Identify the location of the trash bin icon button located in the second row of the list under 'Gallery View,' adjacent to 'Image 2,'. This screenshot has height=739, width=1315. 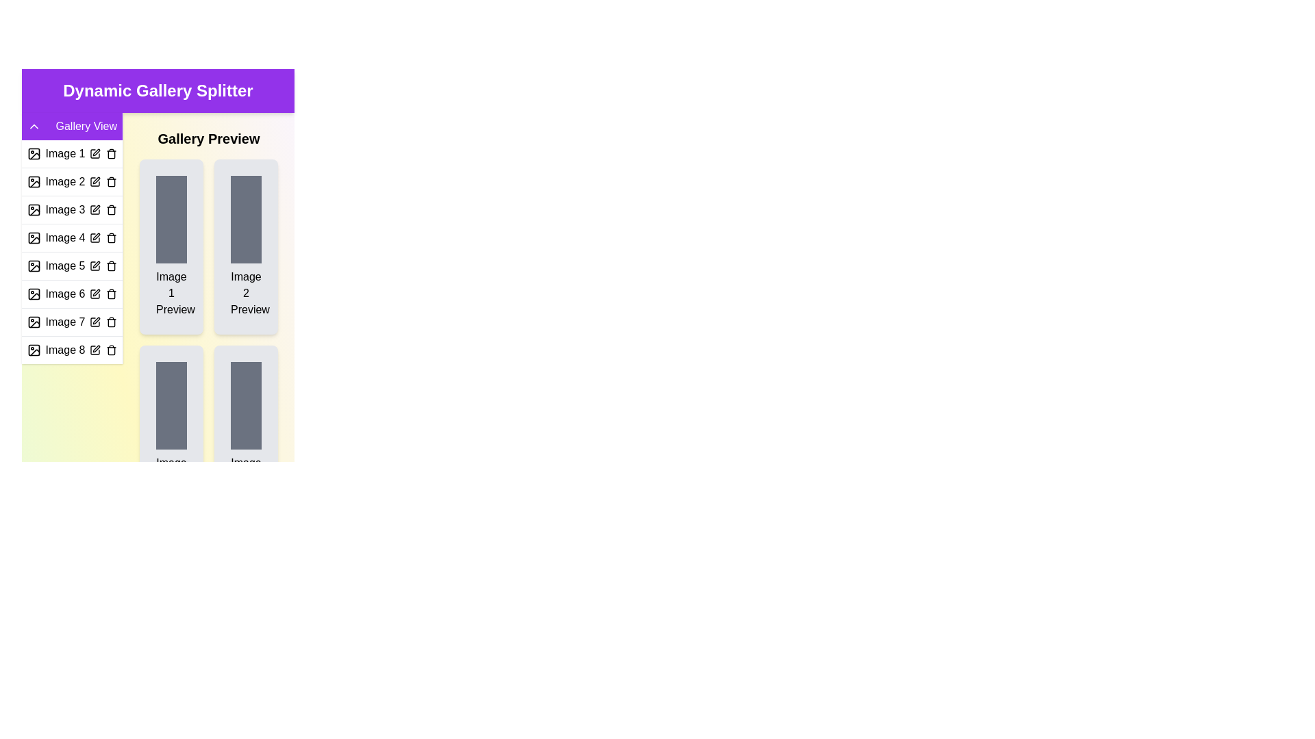
(112, 181).